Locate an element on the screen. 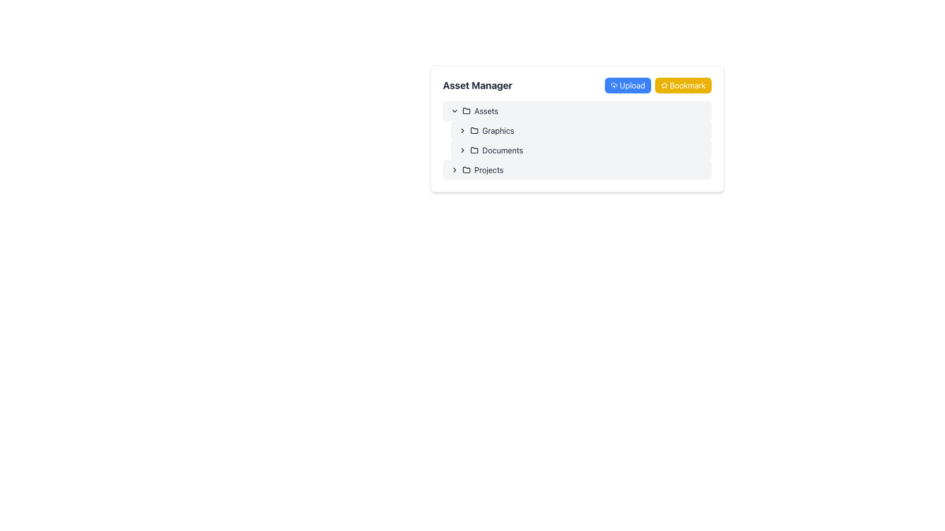 This screenshot has height=531, width=945. the folder icon representing the 'Projects' item in the Asset Manager interface is located at coordinates (466, 169).